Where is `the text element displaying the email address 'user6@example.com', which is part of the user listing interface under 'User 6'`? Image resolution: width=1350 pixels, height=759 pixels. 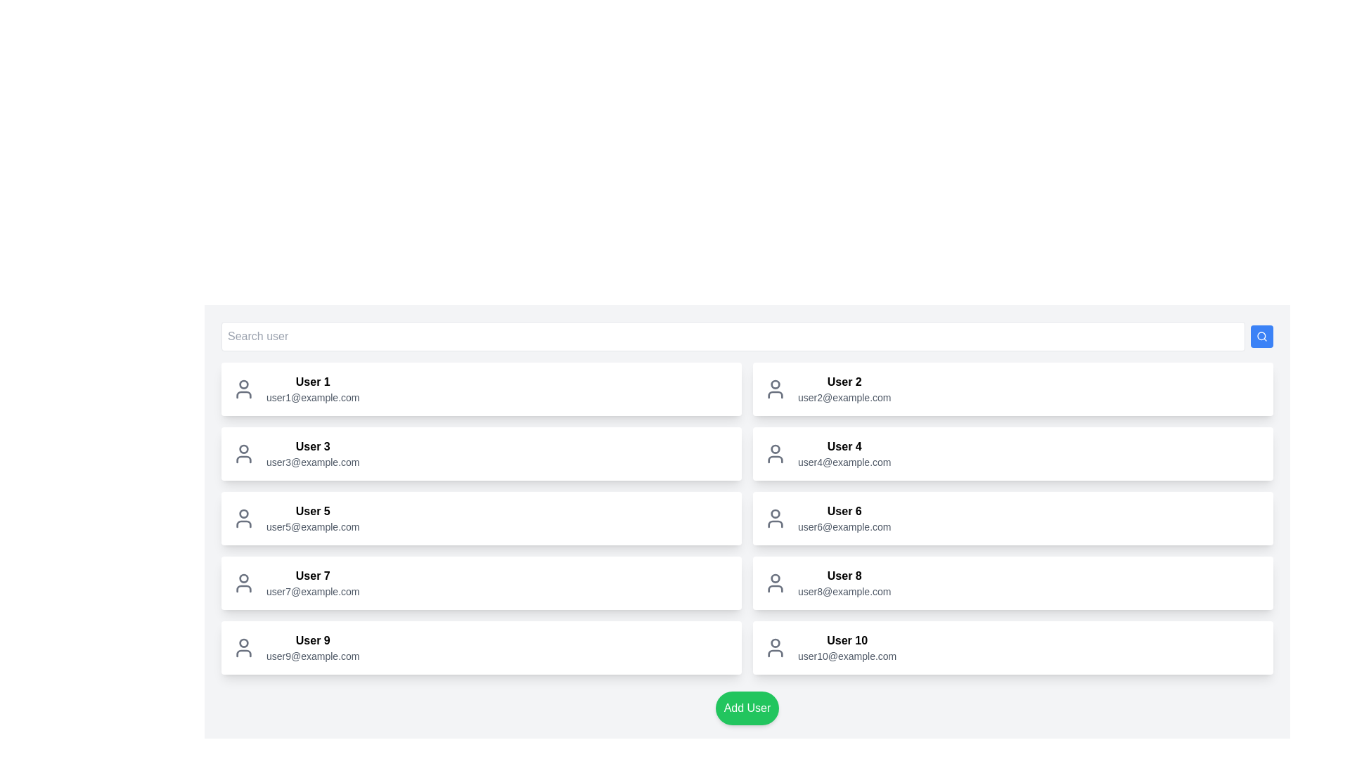
the text element displaying the email address 'user6@example.com', which is part of the user listing interface under 'User 6' is located at coordinates (844, 526).